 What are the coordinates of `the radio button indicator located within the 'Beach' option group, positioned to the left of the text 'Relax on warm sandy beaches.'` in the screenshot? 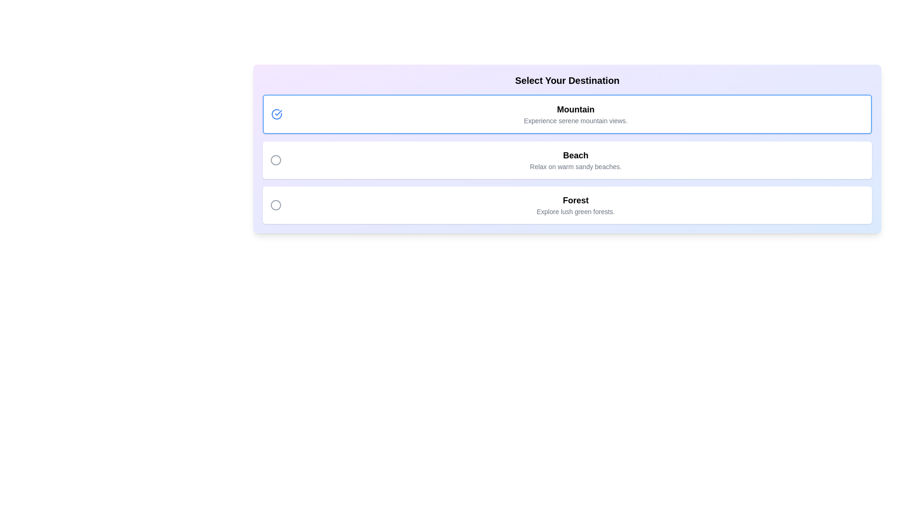 It's located at (278, 160).